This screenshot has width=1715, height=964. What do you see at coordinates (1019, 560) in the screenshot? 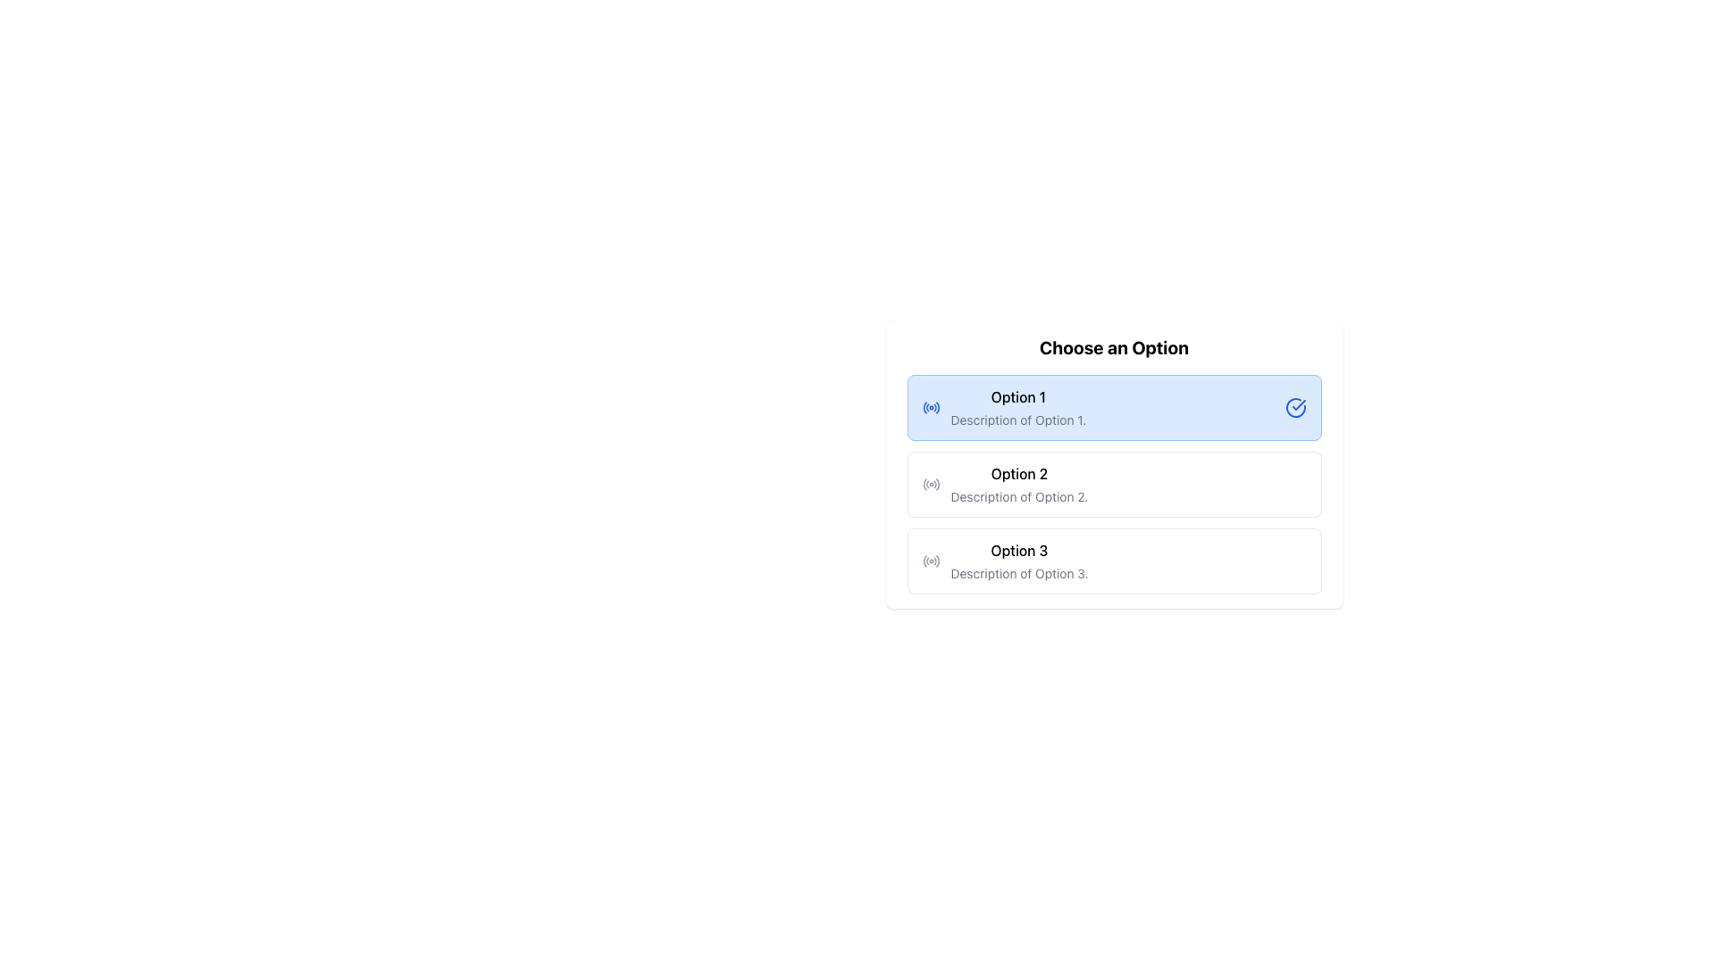
I see `the third selectable item in the 'Choose an Option' list, which provides details about the selection represented by its text` at bounding box center [1019, 560].